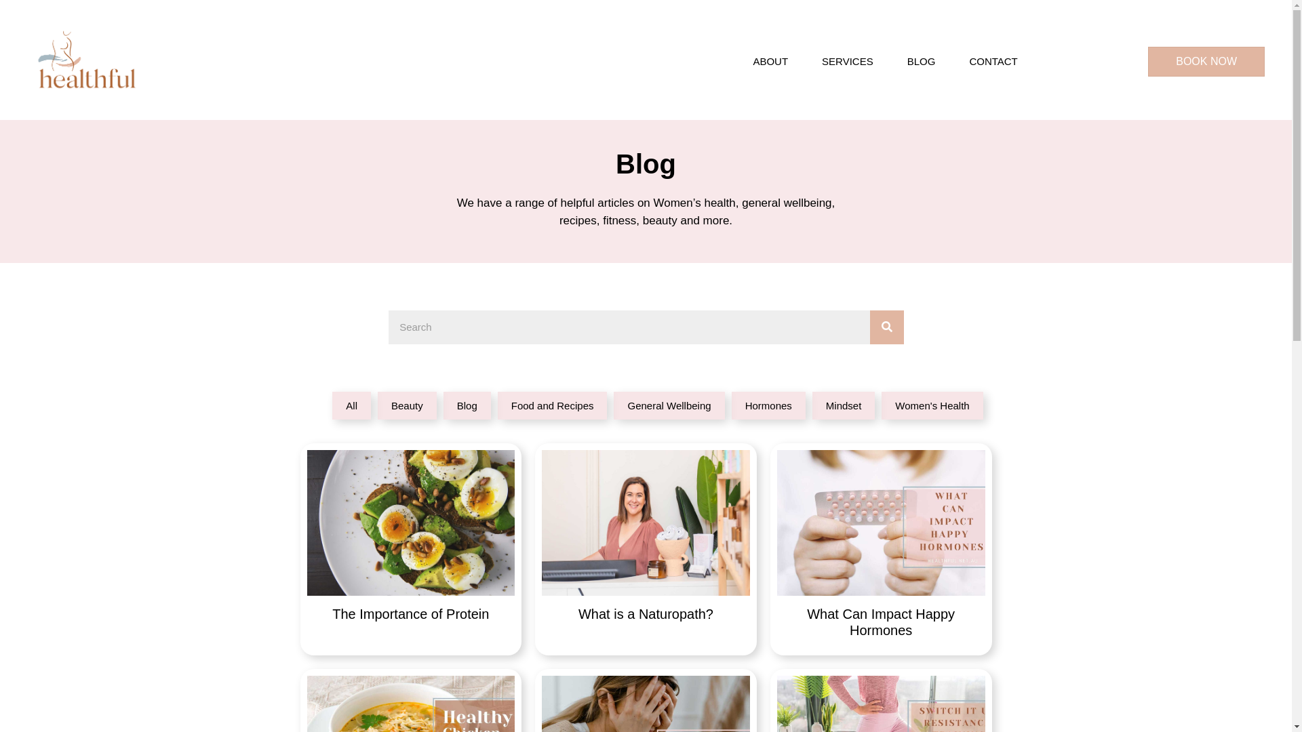 The width and height of the screenshot is (1302, 732). What do you see at coordinates (881, 522) in the screenshot?
I see `'what-can-impact-happy-hormones-healthful-wellness'` at bounding box center [881, 522].